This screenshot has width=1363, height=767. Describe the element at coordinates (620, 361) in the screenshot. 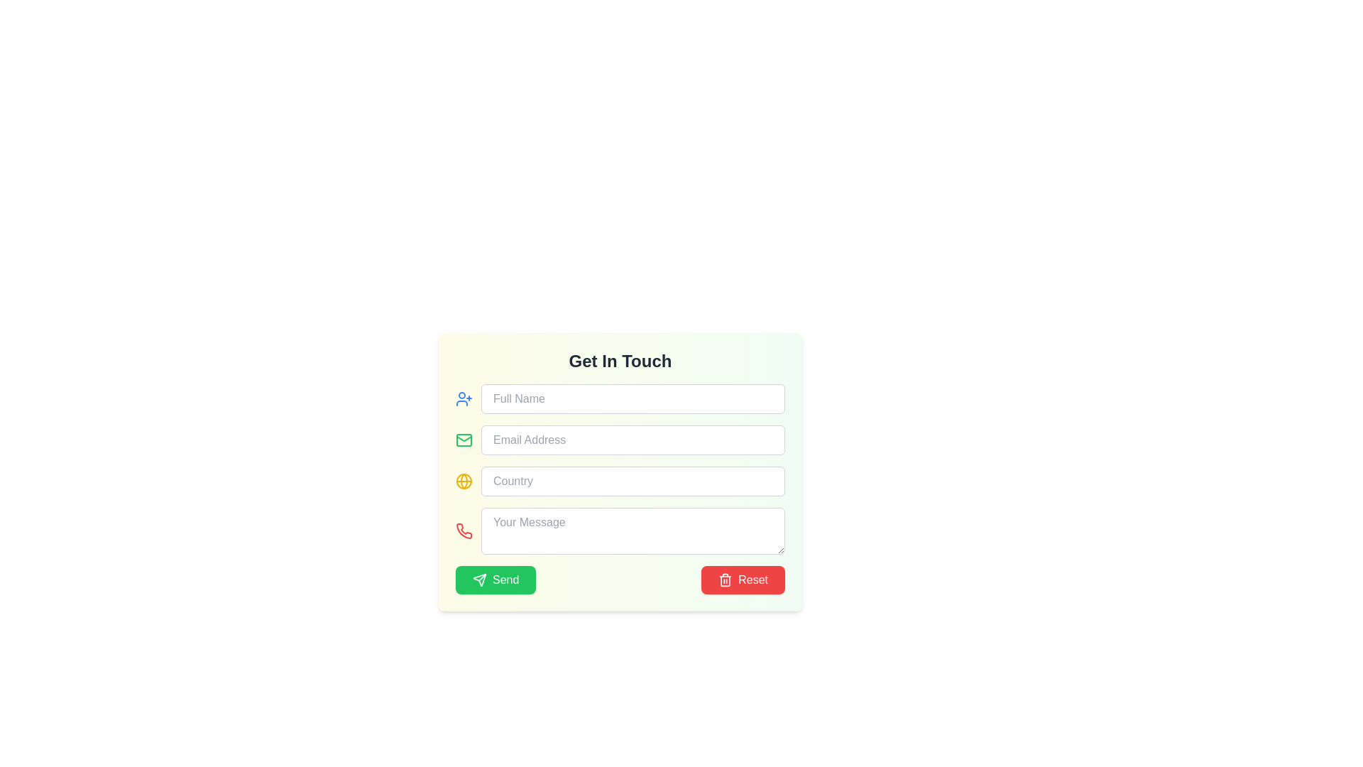

I see `the bold-heading text displaying 'Get In Touch' which is centered at the top of the form-like interface` at that location.